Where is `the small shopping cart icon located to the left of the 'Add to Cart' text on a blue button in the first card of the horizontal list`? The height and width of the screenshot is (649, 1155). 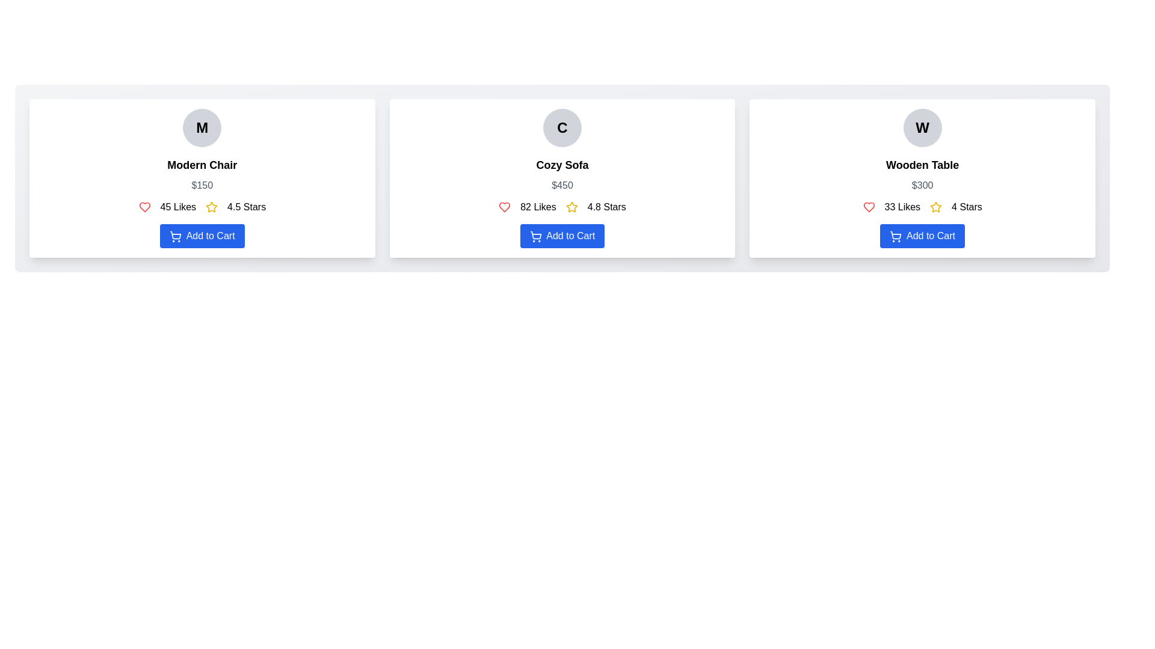 the small shopping cart icon located to the left of the 'Add to Cart' text on a blue button in the first card of the horizontal list is located at coordinates (175, 236).